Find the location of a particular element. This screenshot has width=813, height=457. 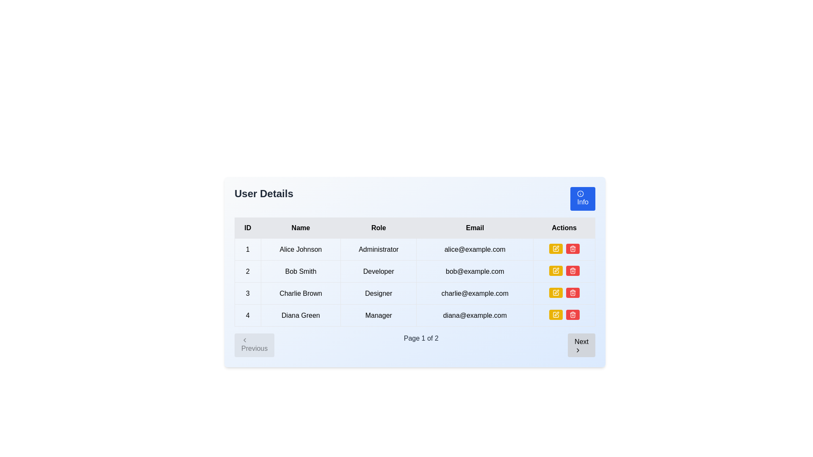

across the interactive buttons in the 'Actions' column of the table for user 'Charlie Brown', which includes a yellow 'edit' button and a red 'delete' button is located at coordinates (564, 293).